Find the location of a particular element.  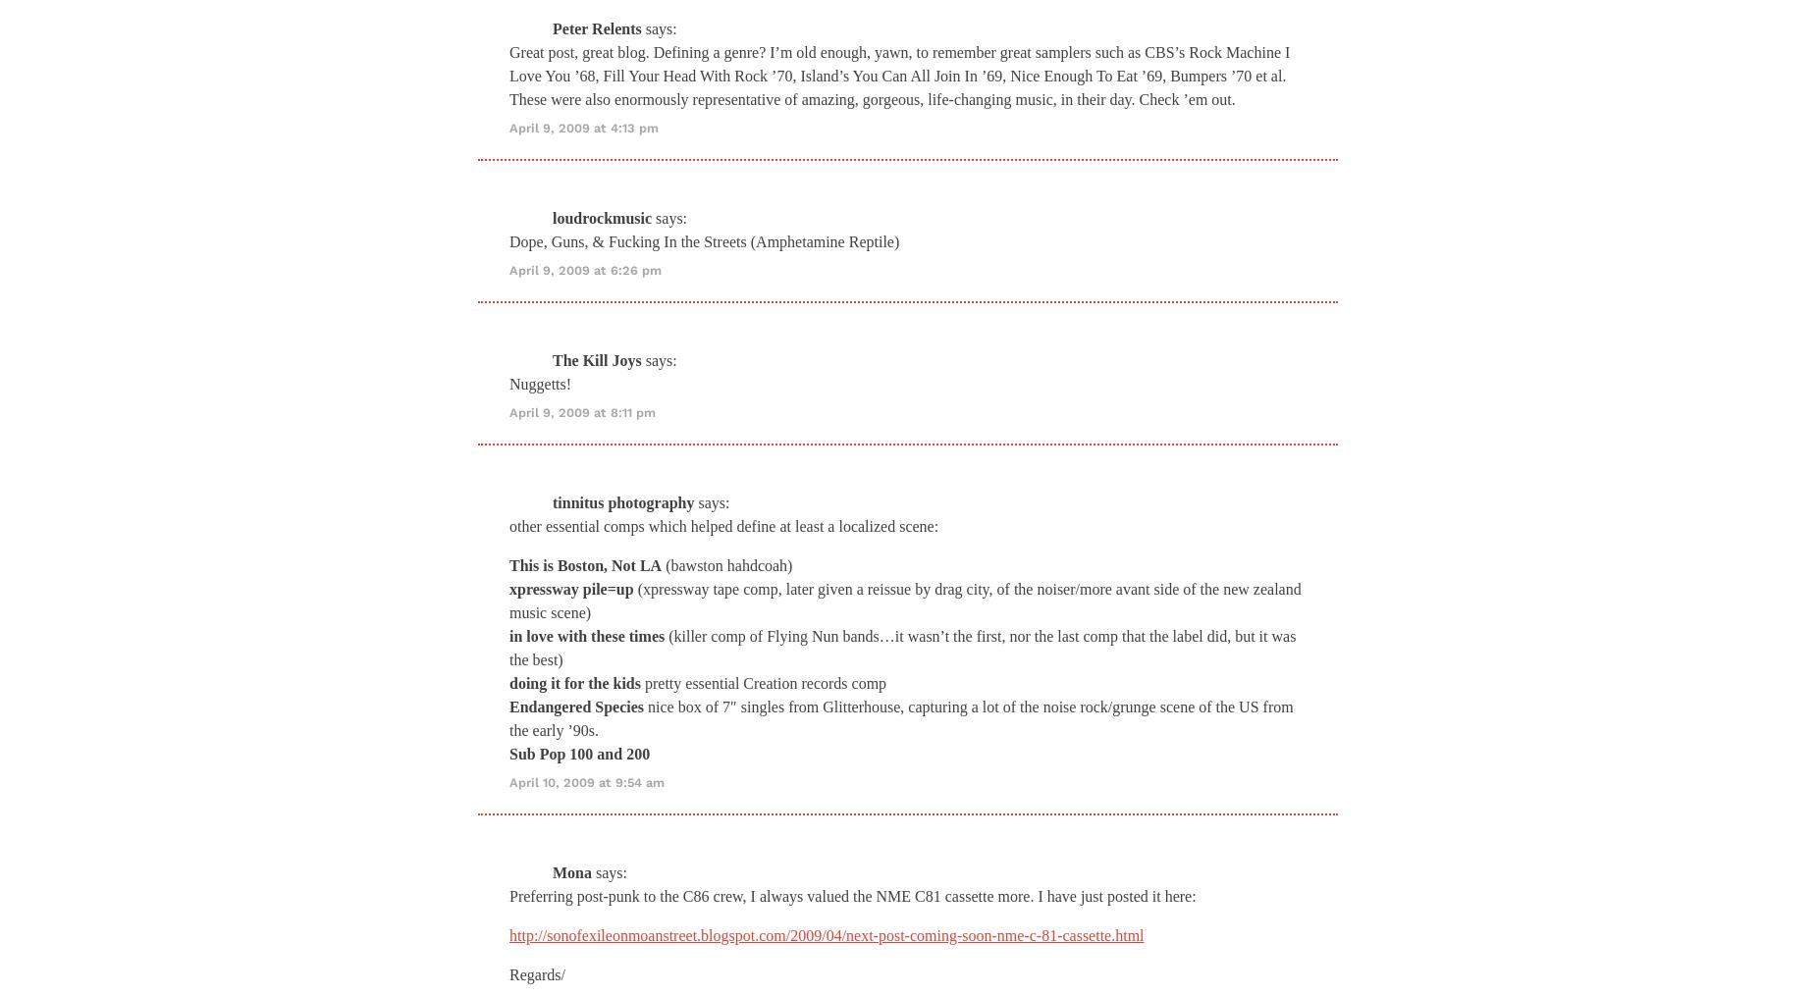

'other essential comps which helped define at least a localized scene:' is located at coordinates (508, 524).